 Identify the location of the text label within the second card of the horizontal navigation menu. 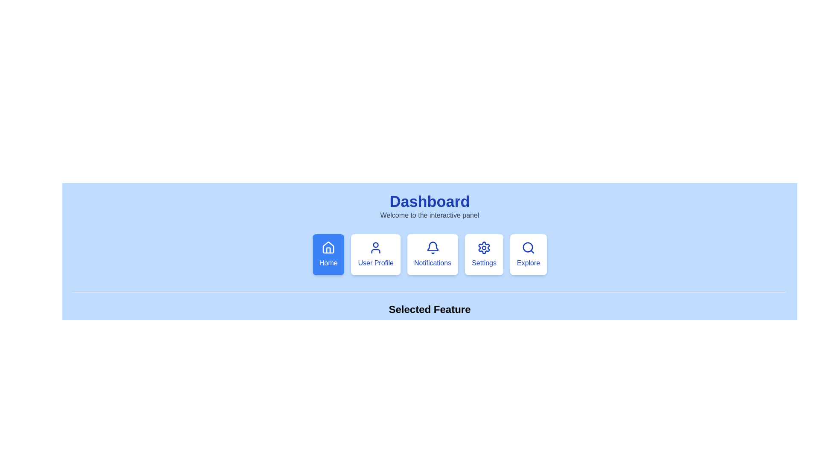
(375, 262).